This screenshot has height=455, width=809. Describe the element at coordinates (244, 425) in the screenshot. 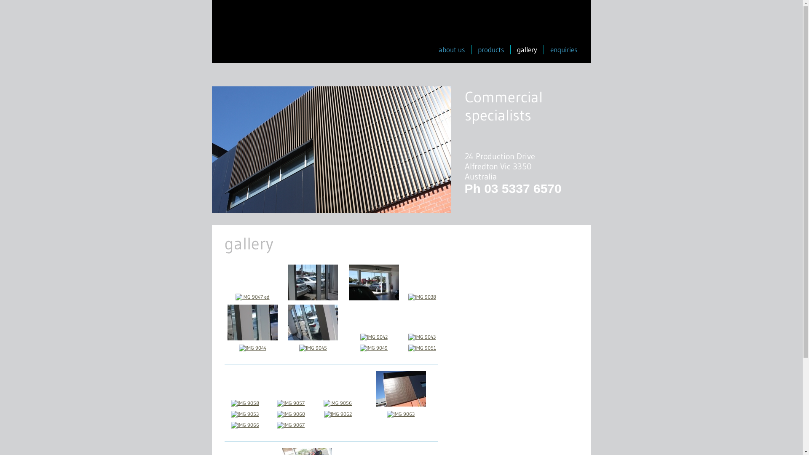

I see `'IMG 9066'` at that location.